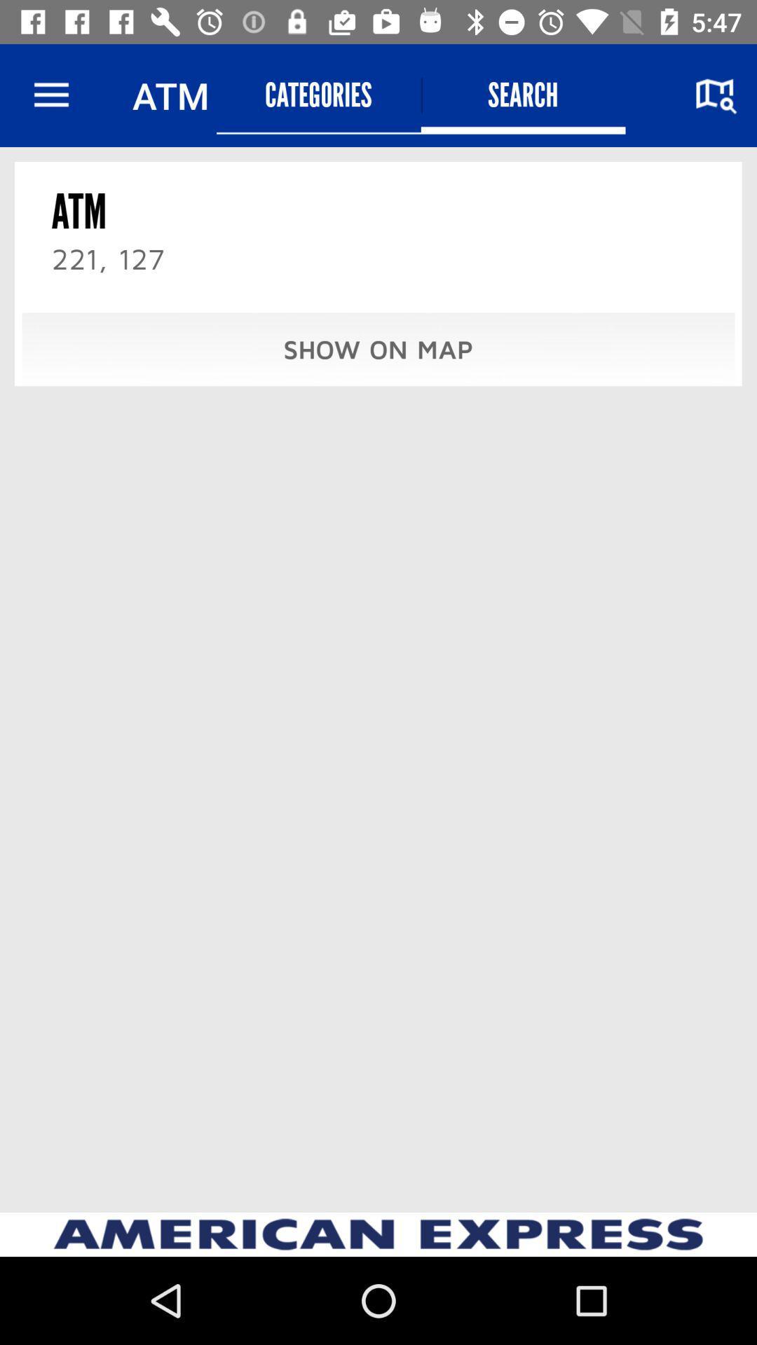  Describe the element at coordinates (318, 95) in the screenshot. I see `item above the show on map item` at that location.